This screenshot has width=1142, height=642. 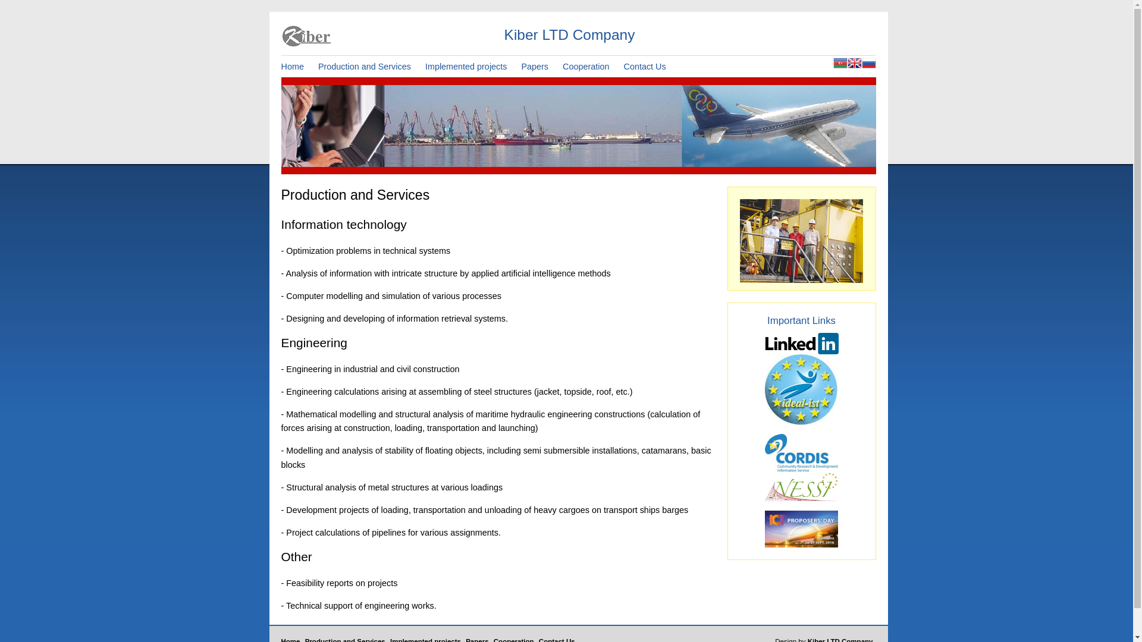 What do you see at coordinates (622, 66) in the screenshot?
I see `'Contact Us'` at bounding box center [622, 66].